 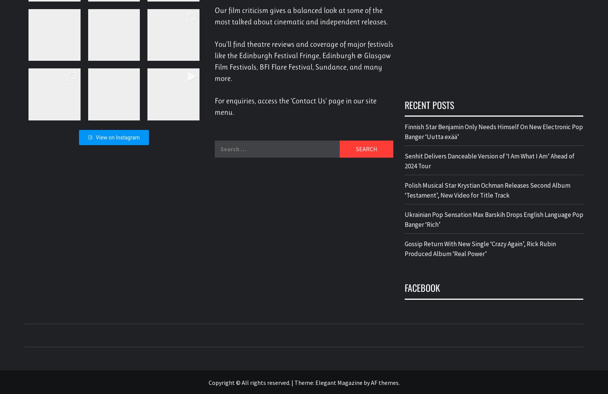 I want to click on 'Recent Posts', so click(x=429, y=104).